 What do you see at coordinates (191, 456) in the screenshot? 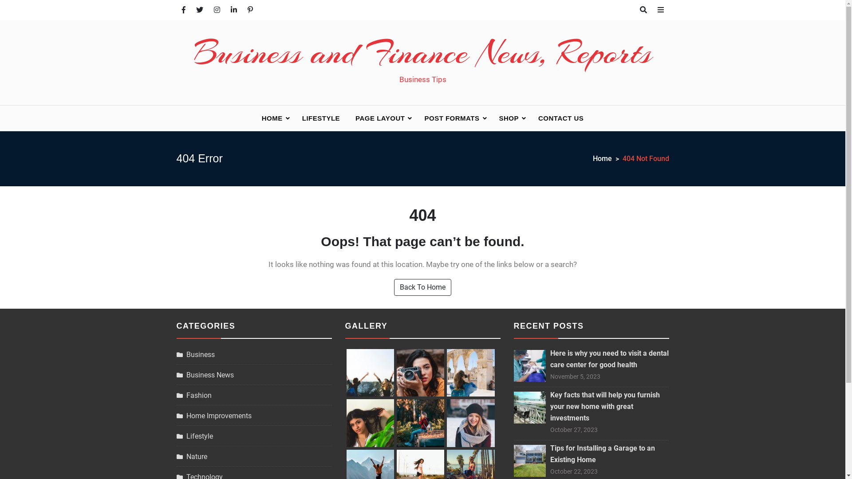
I see `'Nature'` at bounding box center [191, 456].